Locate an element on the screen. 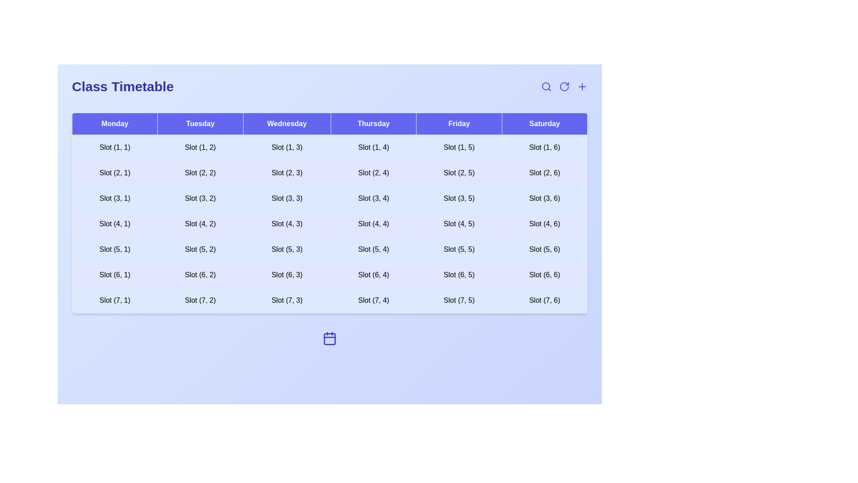 This screenshot has width=858, height=483. the calendar icon at the bottom center of the component is located at coordinates (329, 338).